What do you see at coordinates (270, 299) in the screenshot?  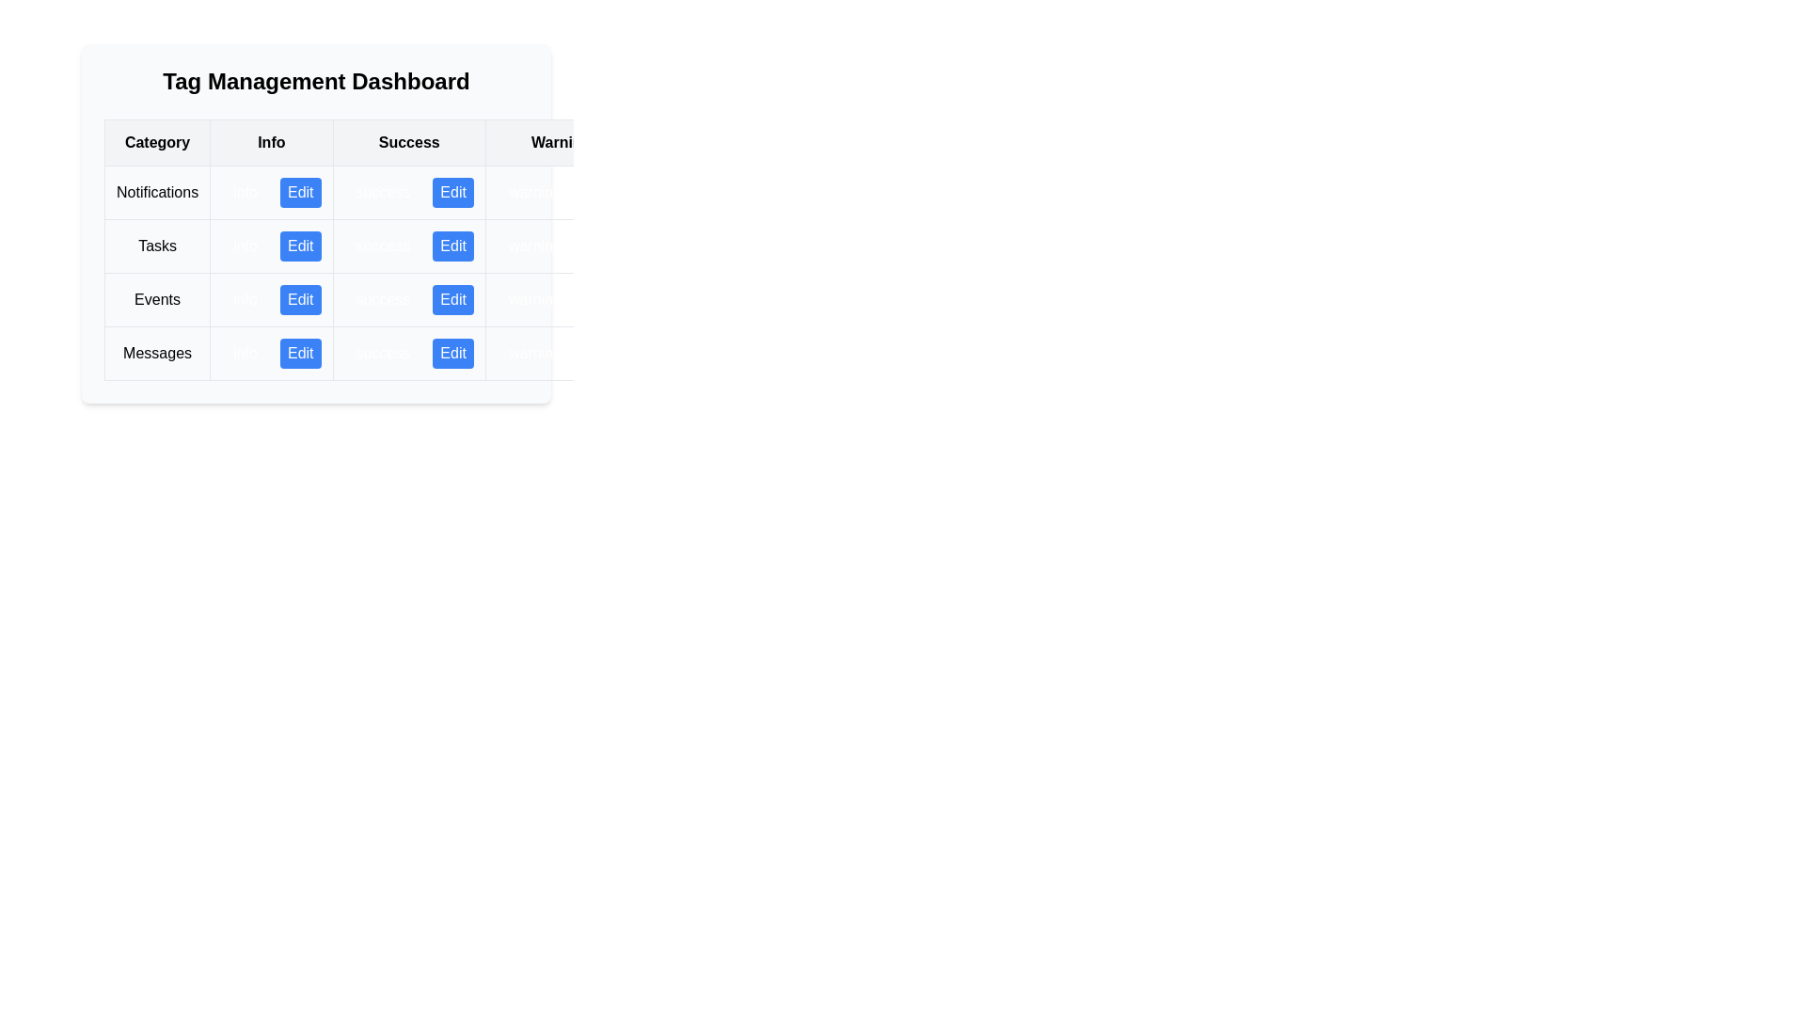 I see `the 'Edit' button located in the 'Events' row and 'Info' column` at bounding box center [270, 299].